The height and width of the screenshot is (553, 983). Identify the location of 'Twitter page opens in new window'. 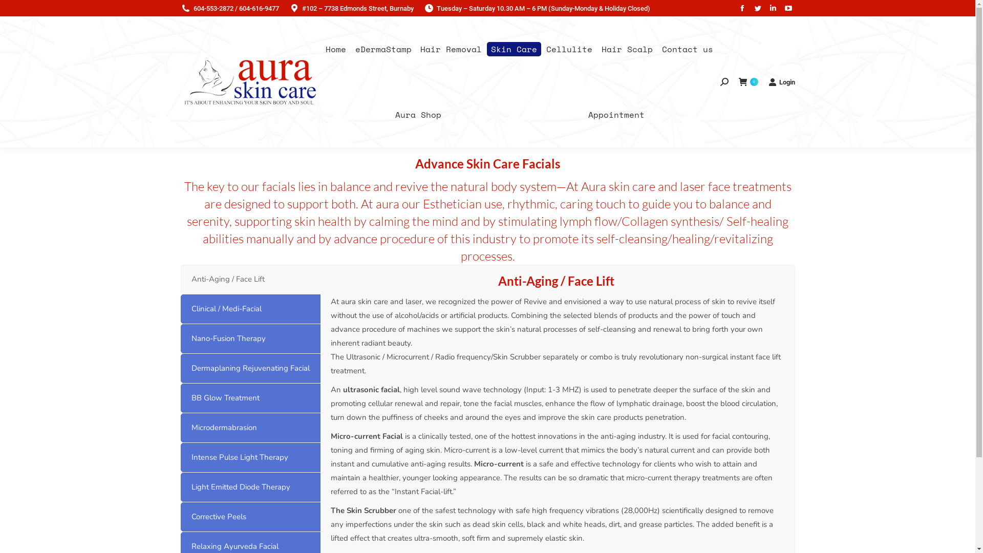
(757, 8).